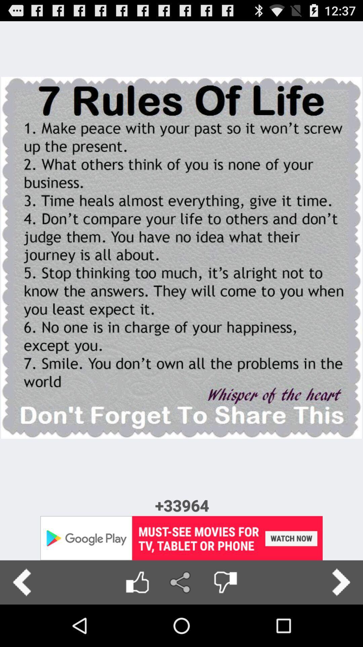  I want to click on share option, so click(181, 582).